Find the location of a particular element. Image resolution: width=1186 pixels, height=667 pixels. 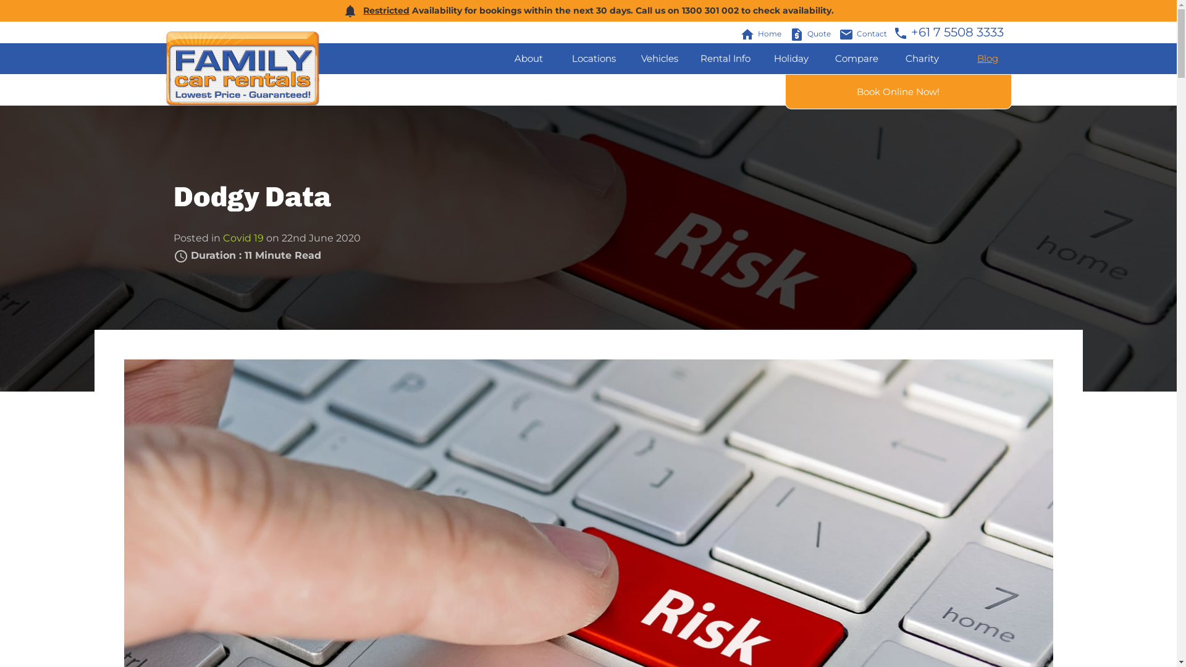

'emailContact' is located at coordinates (865, 33).